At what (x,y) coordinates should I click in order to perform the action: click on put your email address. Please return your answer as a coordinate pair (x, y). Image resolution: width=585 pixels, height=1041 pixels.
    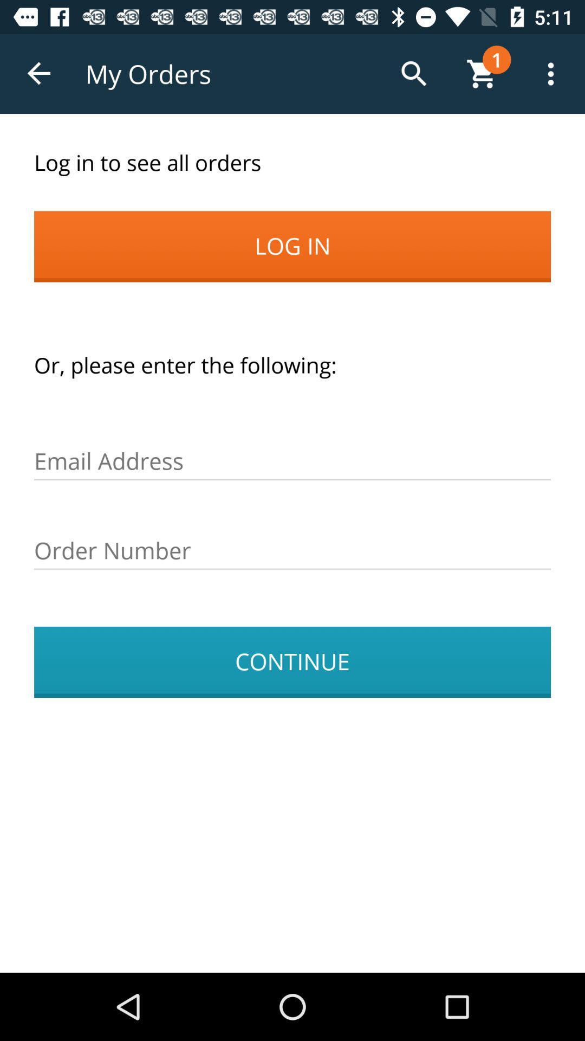
    Looking at the image, I should click on (292, 461).